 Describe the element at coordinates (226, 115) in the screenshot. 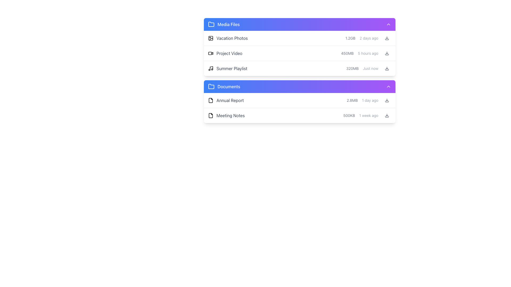

I see `the 'Meeting Notes' label with a document icon` at that location.